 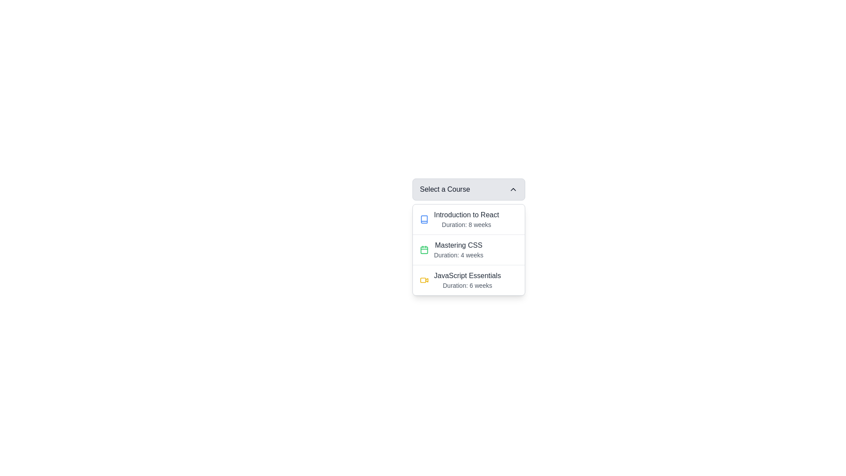 I want to click on the green calendar icon located to the left of the text 'Mastering CSS Duration: 4 weeks', so click(x=424, y=250).